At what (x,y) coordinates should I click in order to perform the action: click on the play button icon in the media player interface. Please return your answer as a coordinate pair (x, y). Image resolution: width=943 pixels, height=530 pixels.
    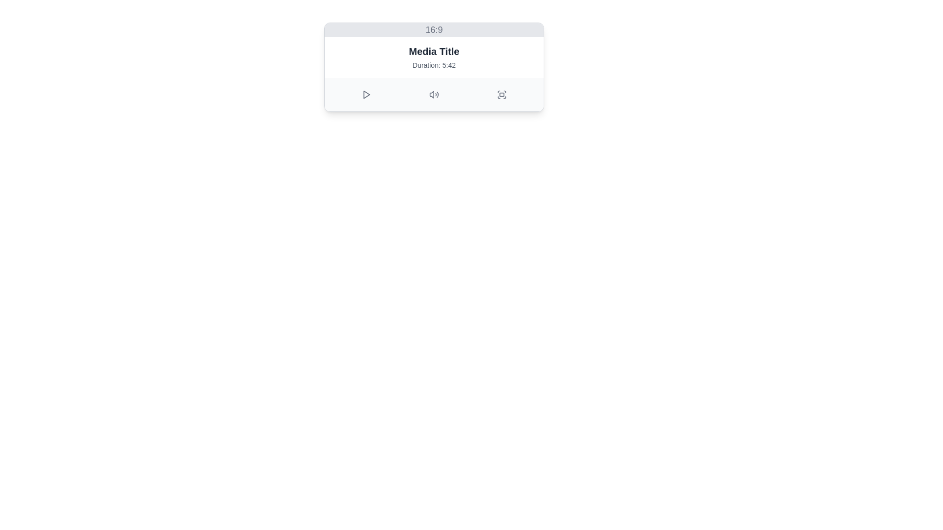
    Looking at the image, I should click on (366, 94).